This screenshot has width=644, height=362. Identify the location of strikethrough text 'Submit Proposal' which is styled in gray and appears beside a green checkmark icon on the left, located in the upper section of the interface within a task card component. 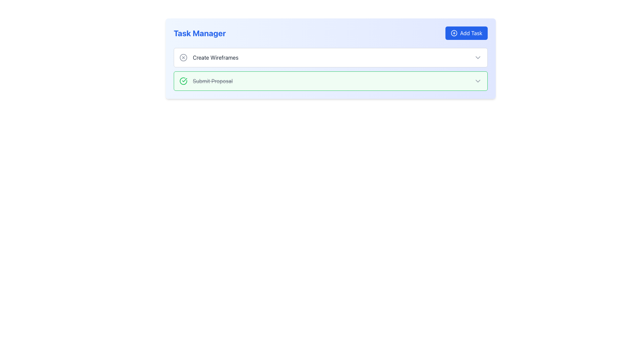
(206, 81).